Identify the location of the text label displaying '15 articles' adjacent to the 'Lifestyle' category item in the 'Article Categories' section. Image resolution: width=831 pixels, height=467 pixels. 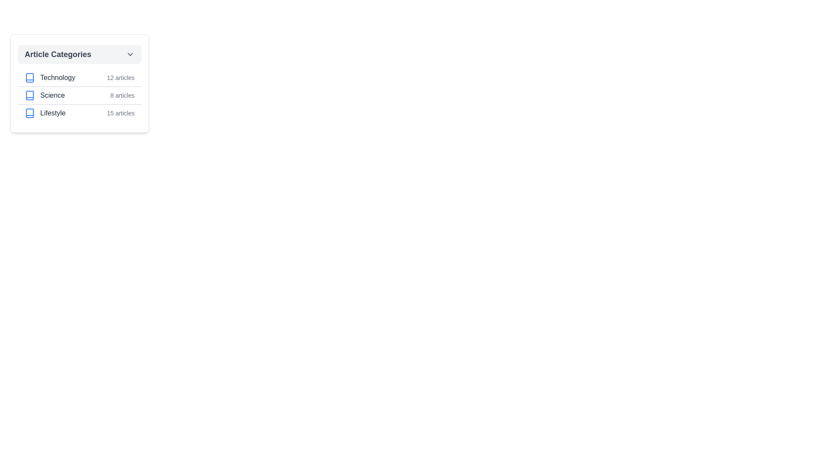
(120, 113).